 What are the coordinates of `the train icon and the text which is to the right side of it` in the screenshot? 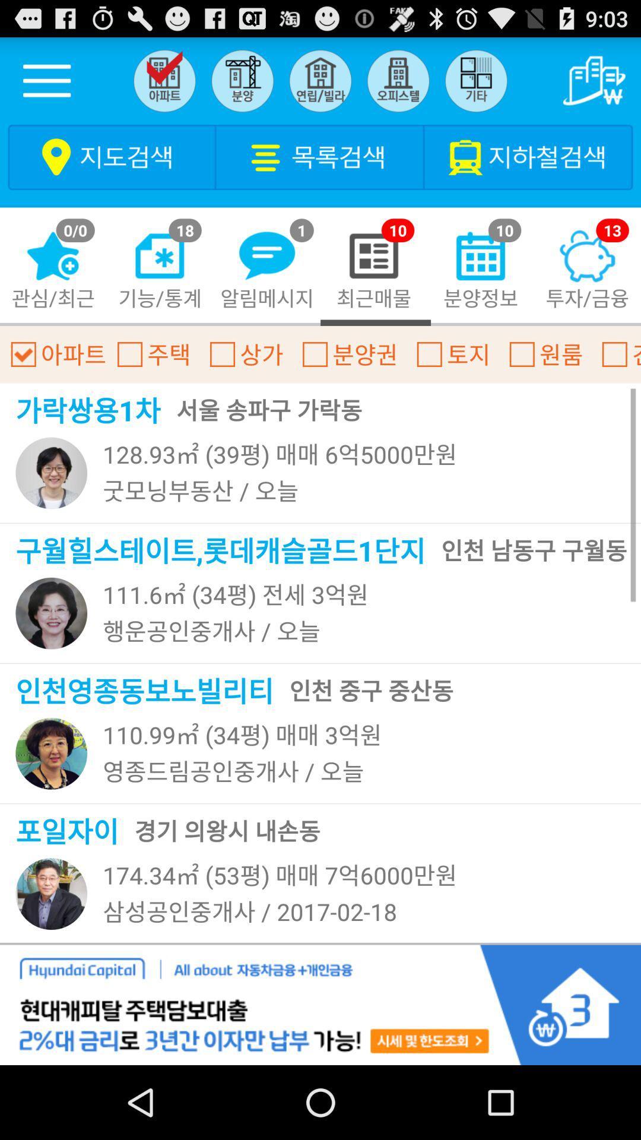 It's located at (528, 156).